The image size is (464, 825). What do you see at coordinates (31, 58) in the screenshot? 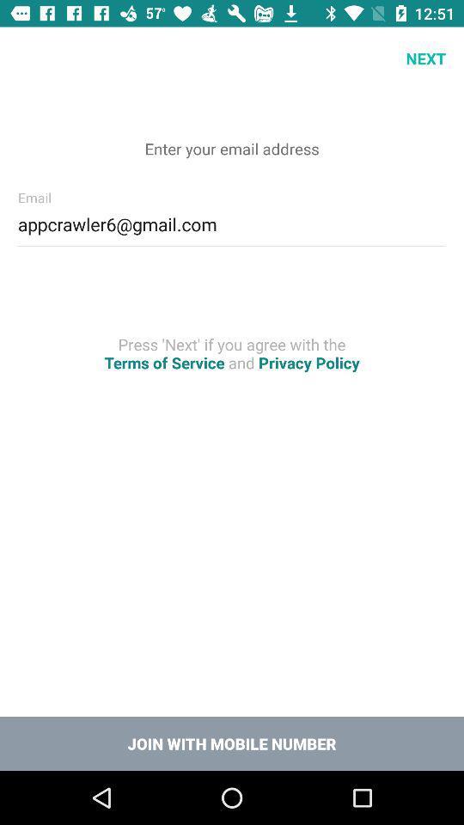
I see `item next to next item` at bounding box center [31, 58].